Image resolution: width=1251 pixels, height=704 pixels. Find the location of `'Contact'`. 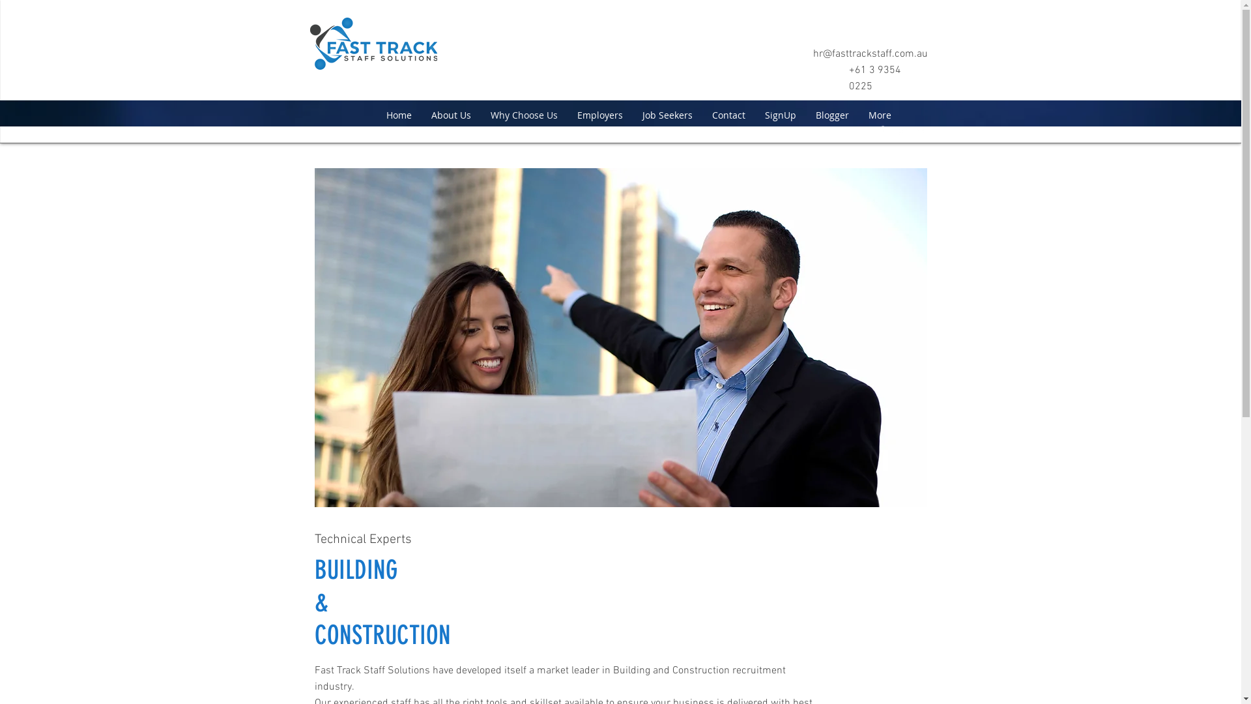

'Contact' is located at coordinates (728, 114).